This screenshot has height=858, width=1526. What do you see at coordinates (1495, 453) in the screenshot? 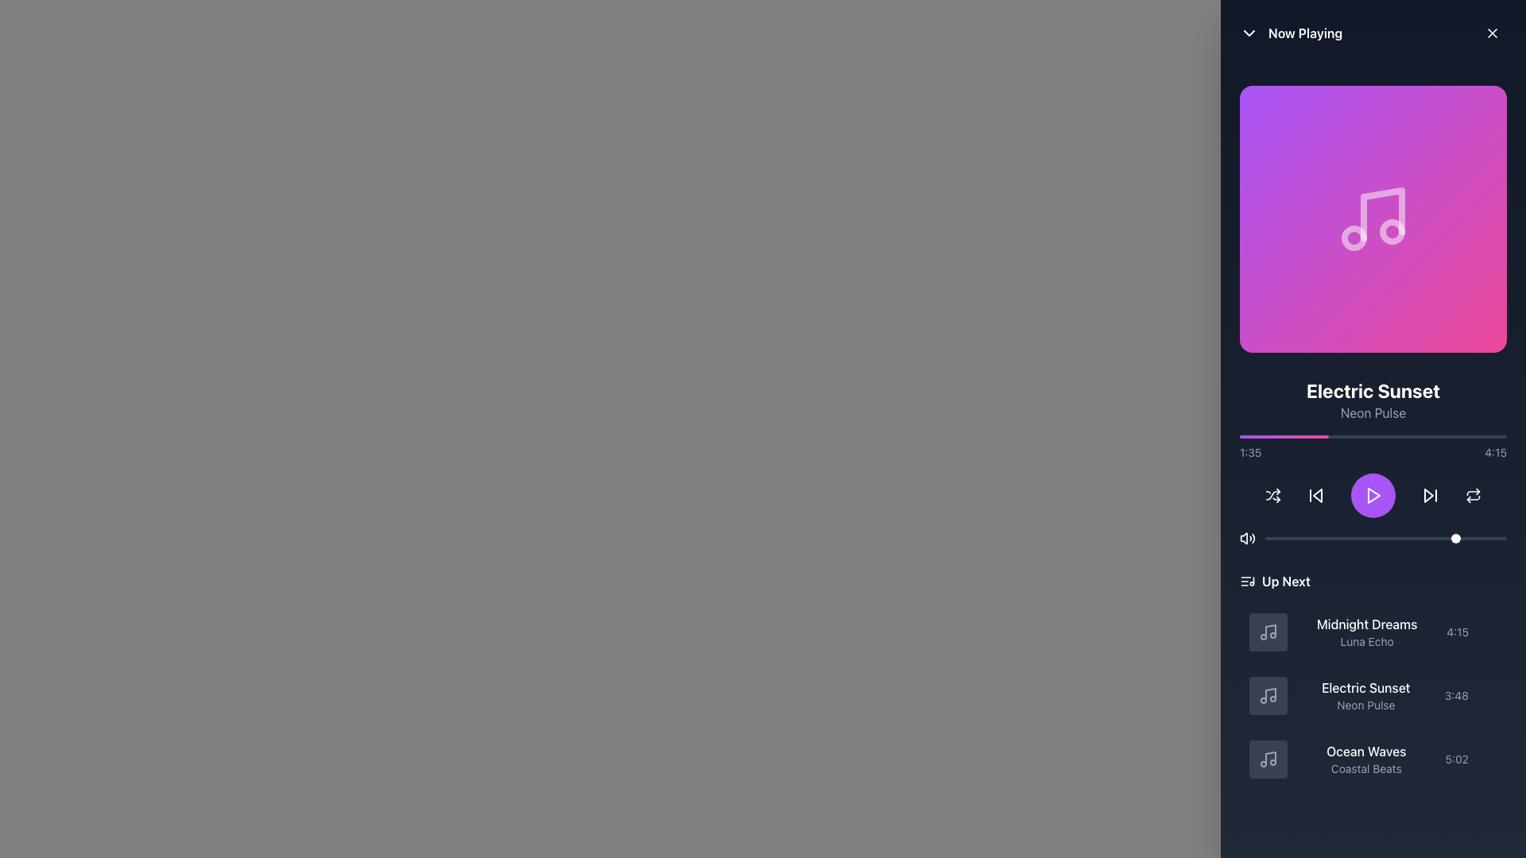
I see `the text label displaying '4:15' located in the bottom-right corner of the media player interface, which is positioned immediately to the right of a horizontal progress bar` at bounding box center [1495, 453].